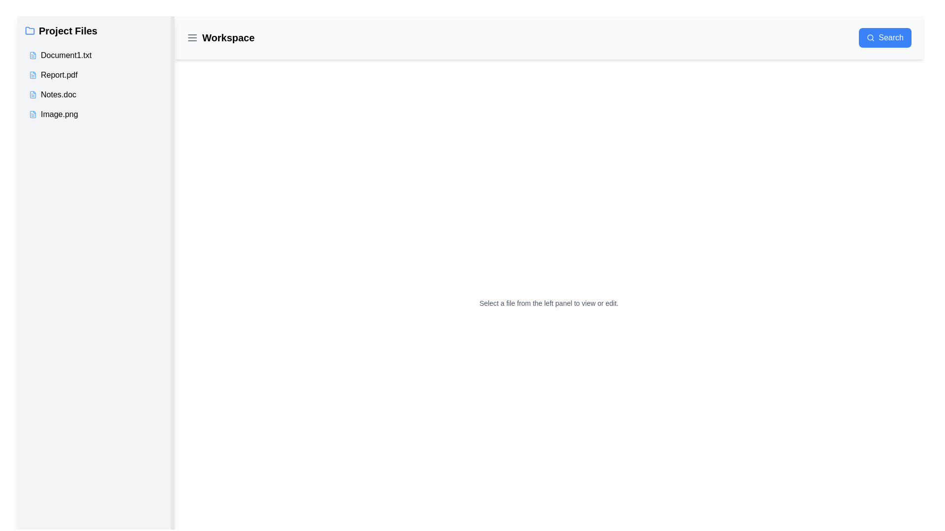 This screenshot has width=945, height=531. What do you see at coordinates (96, 73) in the screenshot?
I see `the second file item in the 'Project Files' list, located in the left sidebar` at bounding box center [96, 73].